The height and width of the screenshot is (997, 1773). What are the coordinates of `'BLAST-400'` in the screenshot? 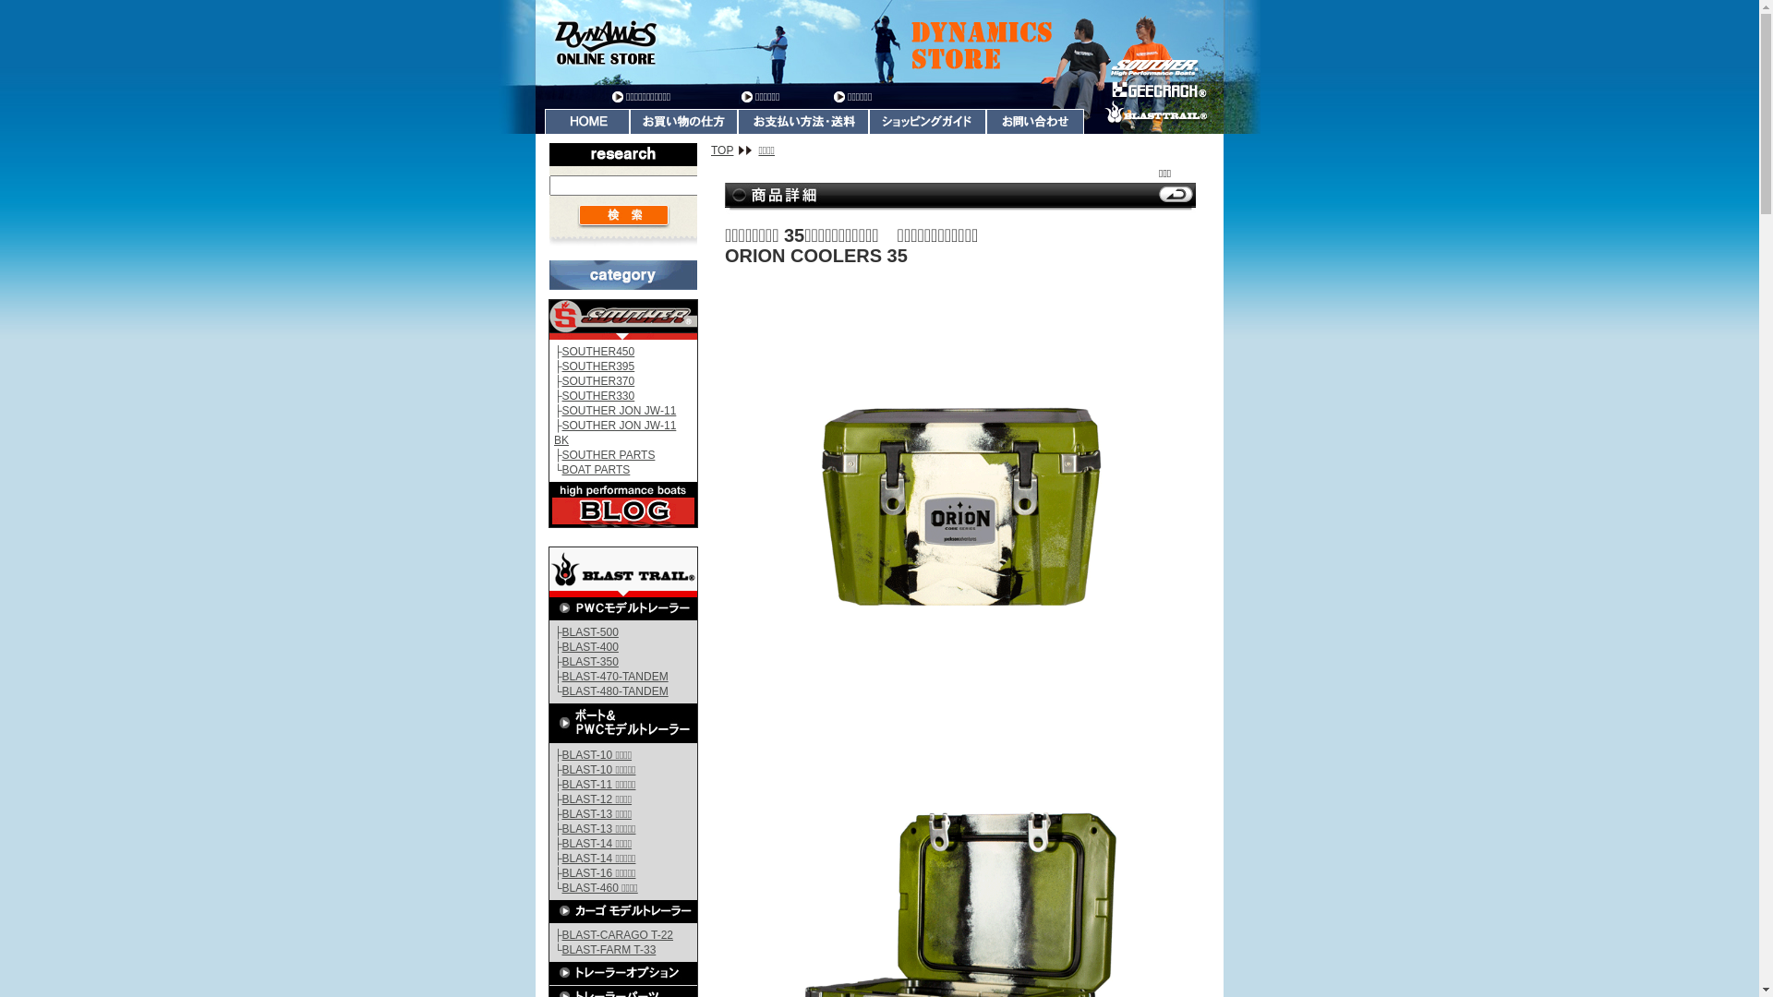 It's located at (589, 646).